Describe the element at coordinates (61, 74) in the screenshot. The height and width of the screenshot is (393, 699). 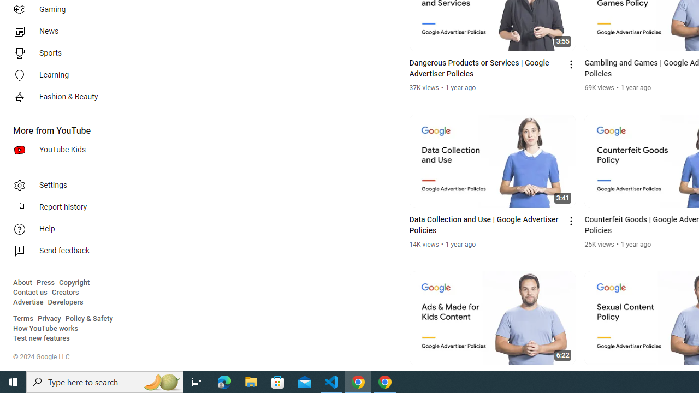
I see `'Learning'` at that location.